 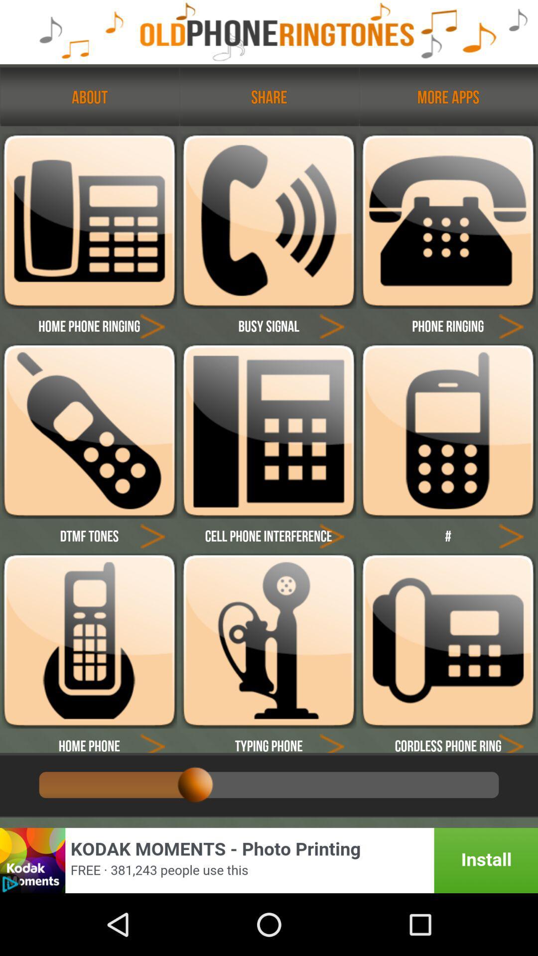 What do you see at coordinates (152, 535) in the screenshot?
I see `the  symbol which is on left hand side beside the text dtmf tones` at bounding box center [152, 535].